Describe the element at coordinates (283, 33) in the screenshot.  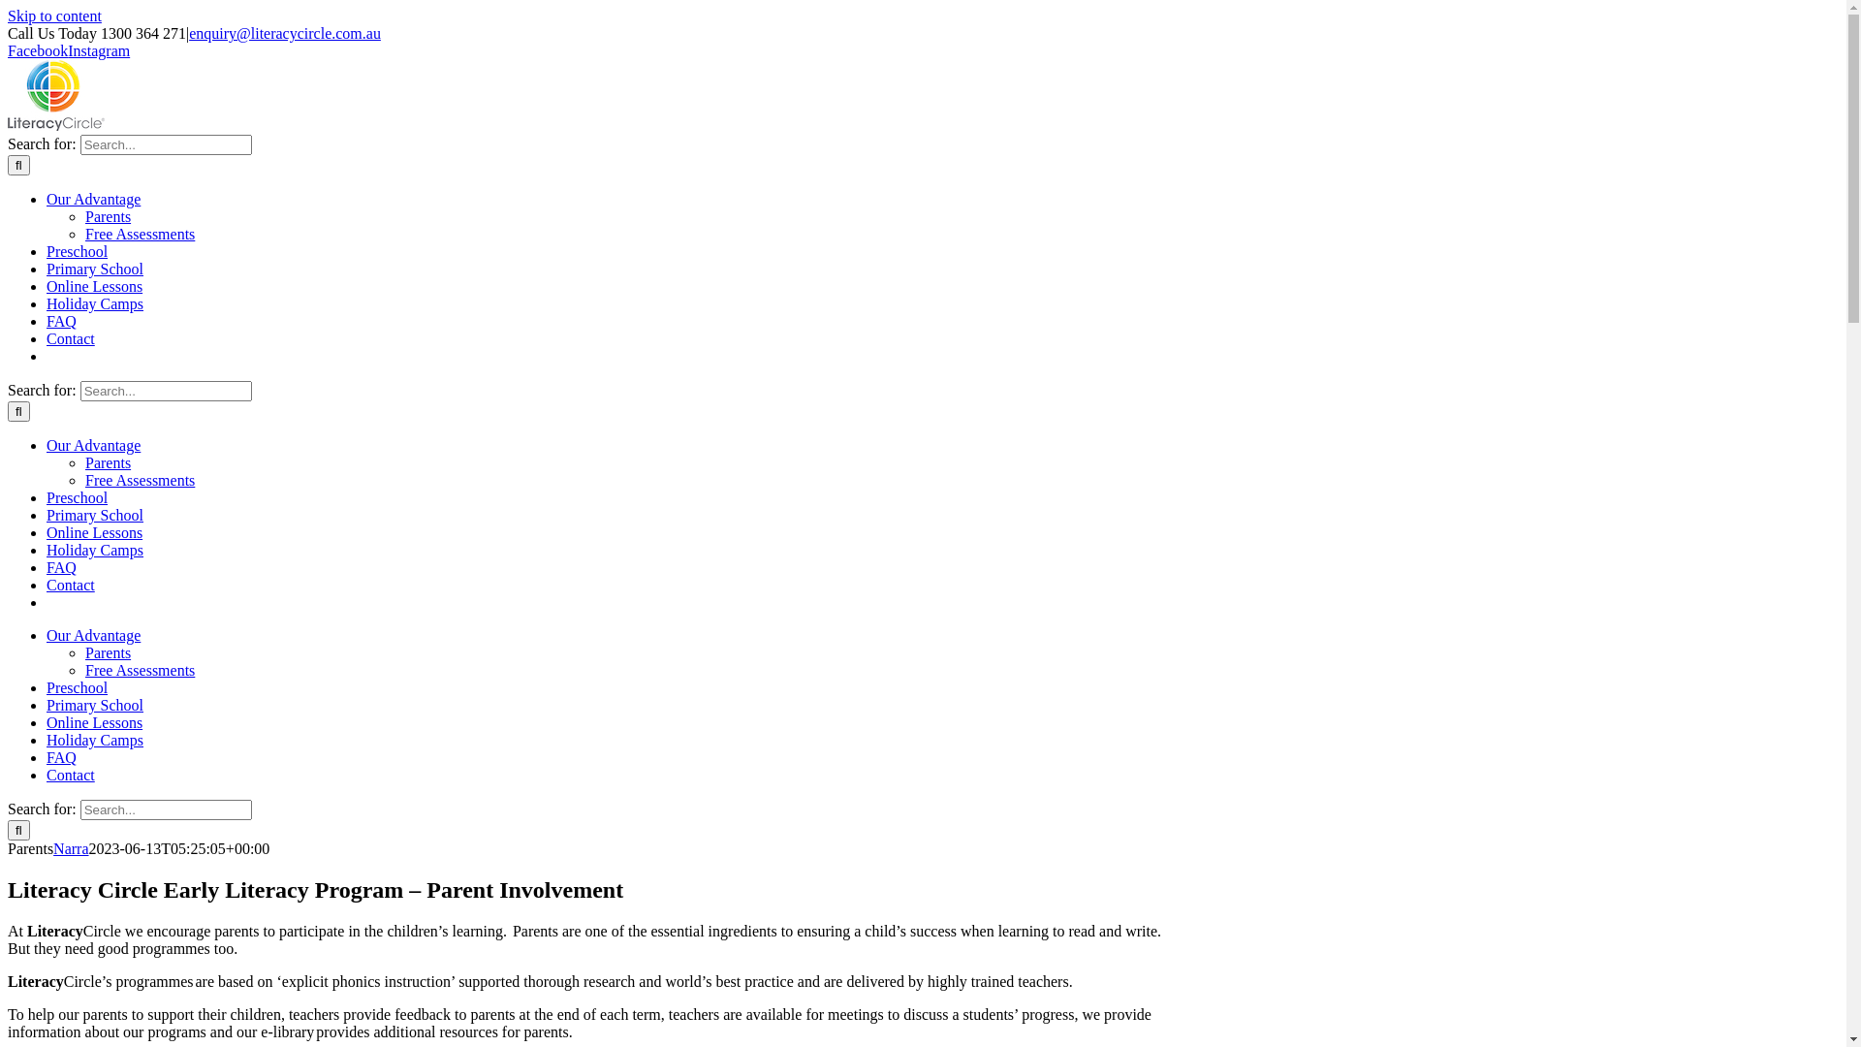
I see `'enquiry@literacycircle.com.au'` at that location.